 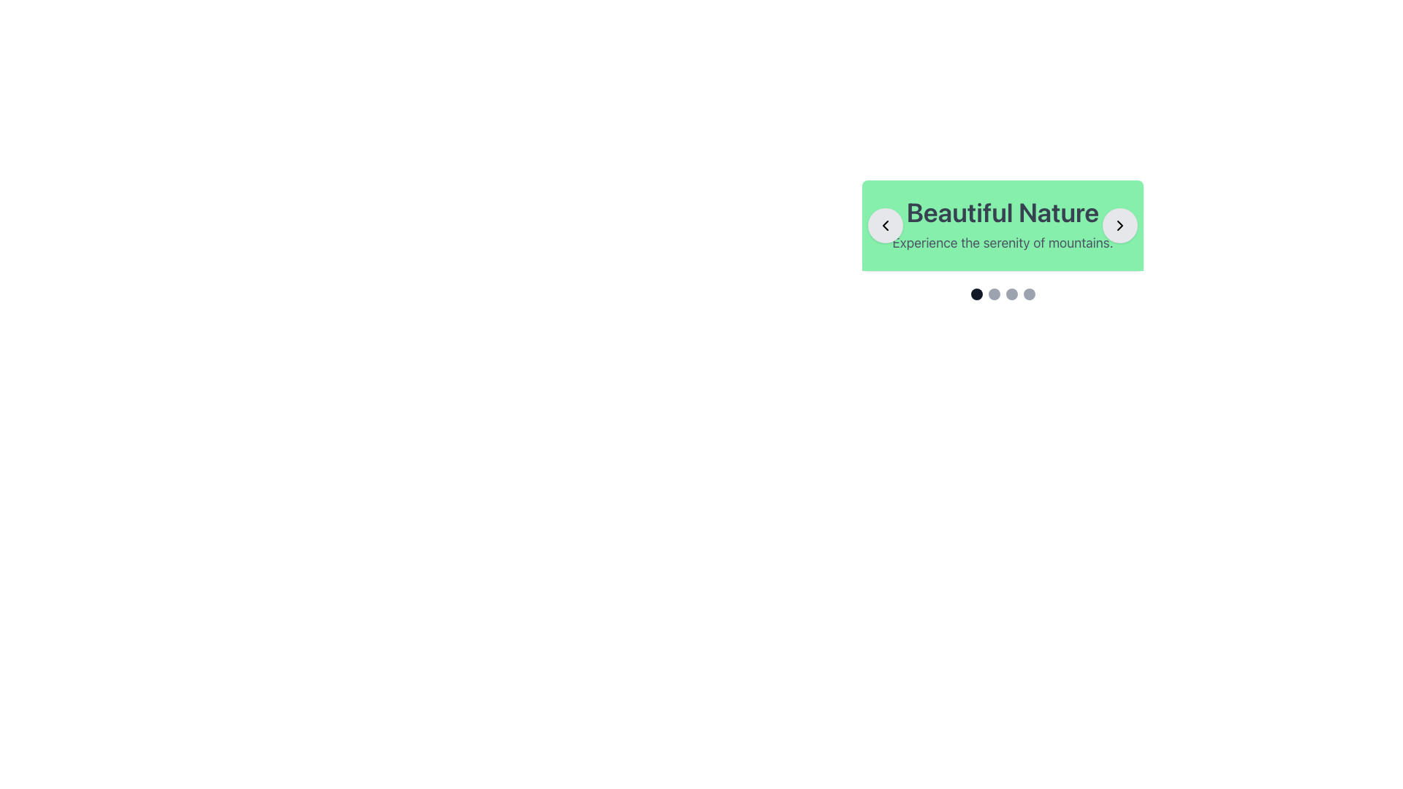 I want to click on the third navigation dot in the carousel indicator sequence located below the green banner, so click(x=1011, y=294).